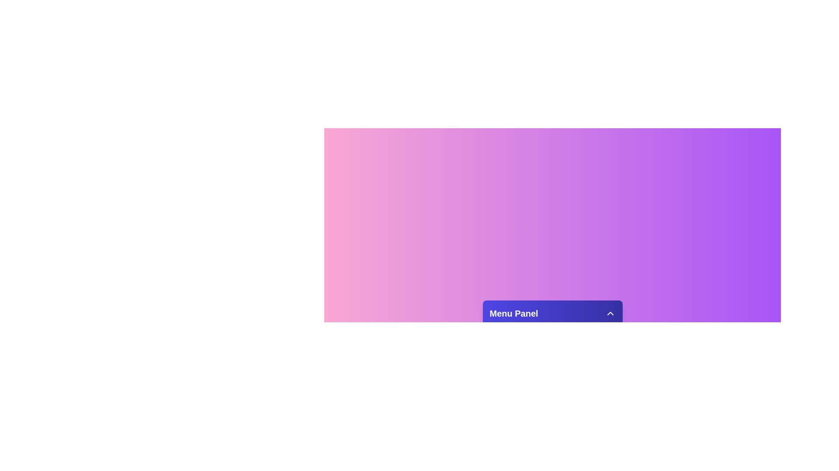  What do you see at coordinates (610, 313) in the screenshot?
I see `the toggle button in the menu panel header to toggle its visibility` at bounding box center [610, 313].